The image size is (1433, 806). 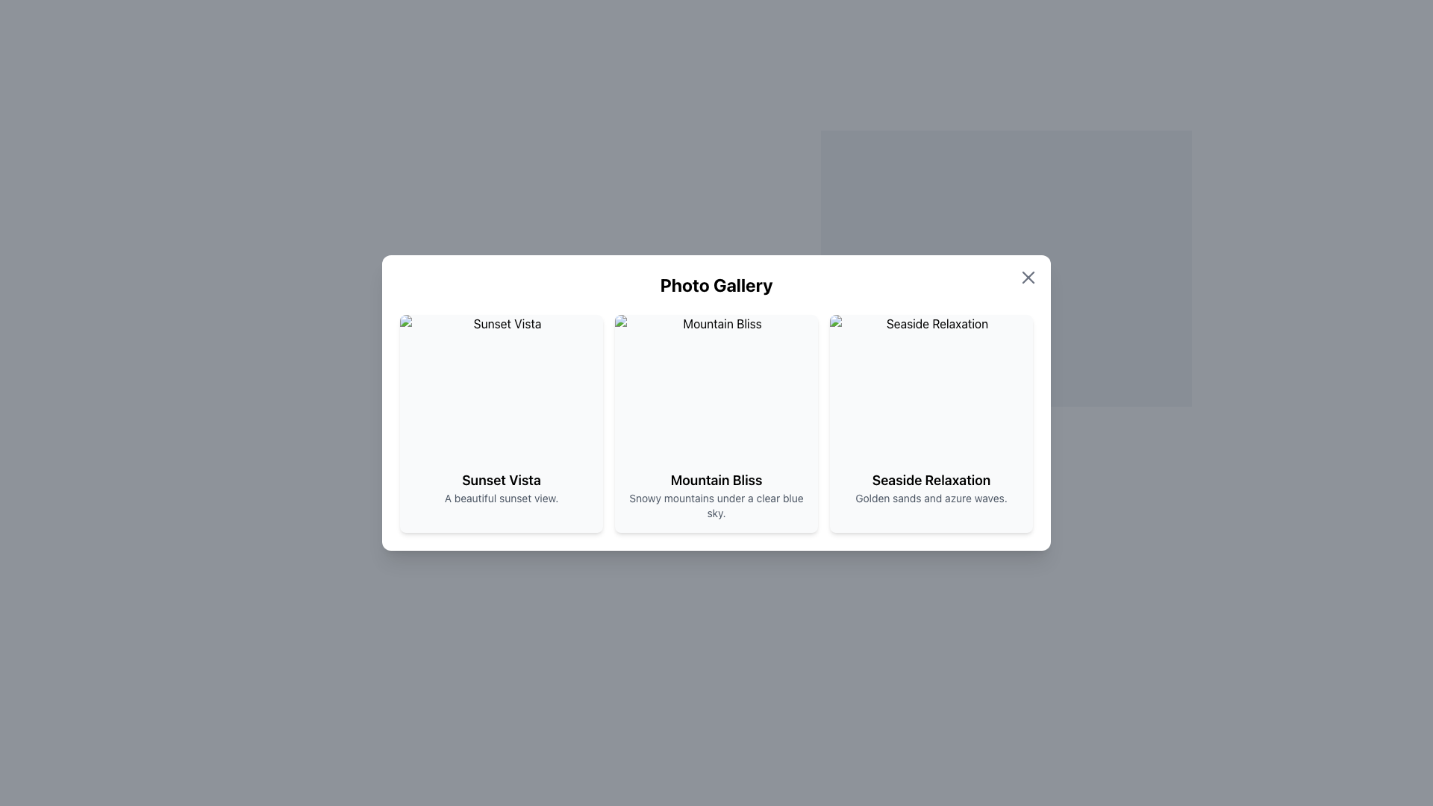 What do you see at coordinates (931, 498) in the screenshot?
I see `the text snippet reading 'Golden sands and azure waves.' located below the heading 'Seaside Relaxation' in the third panel of the gallery layout` at bounding box center [931, 498].